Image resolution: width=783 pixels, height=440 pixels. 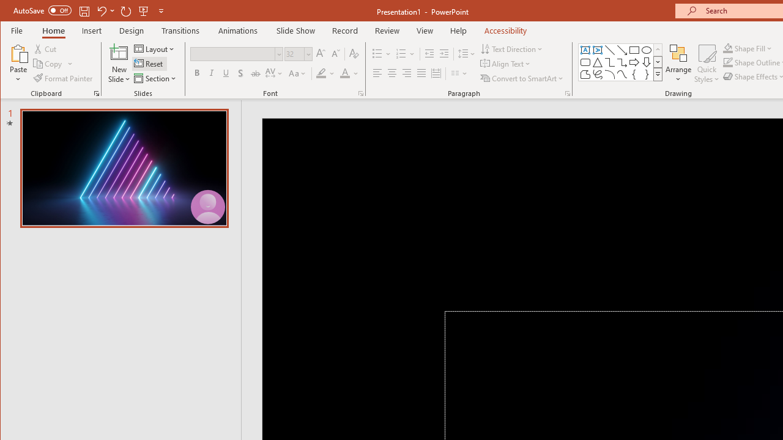 What do you see at coordinates (597, 50) in the screenshot?
I see `'Vertical Text Box'` at bounding box center [597, 50].